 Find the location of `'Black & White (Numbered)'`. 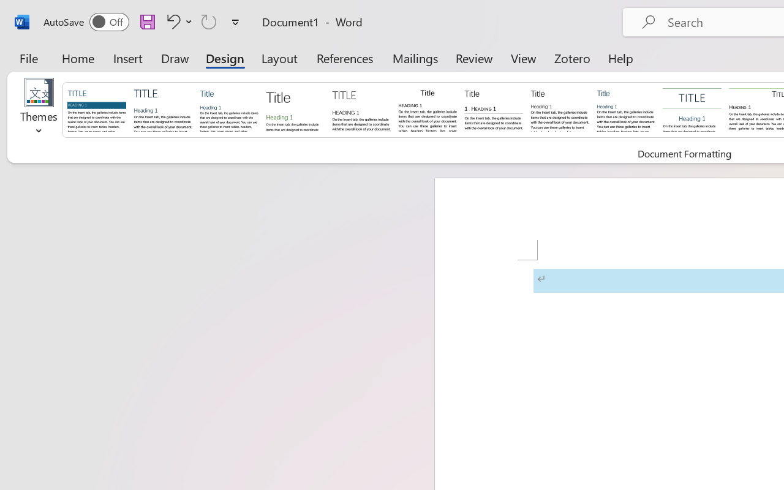

'Black & White (Numbered)' is located at coordinates (494, 108).